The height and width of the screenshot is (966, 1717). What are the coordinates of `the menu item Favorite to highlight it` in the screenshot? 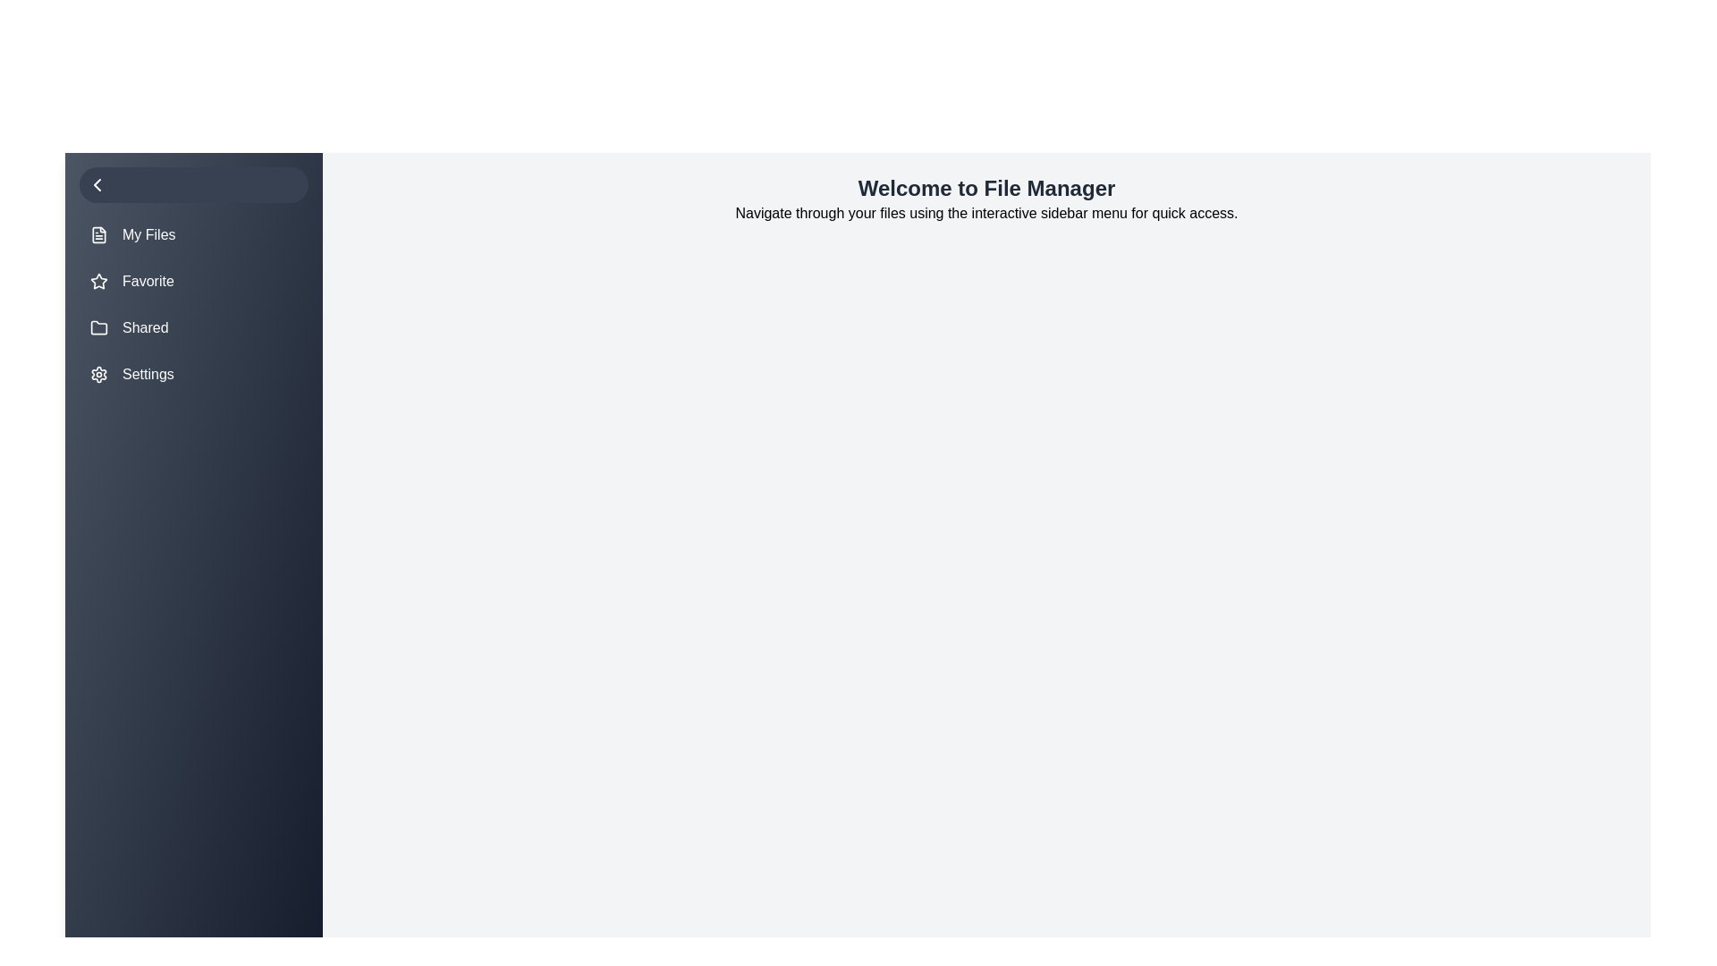 It's located at (193, 282).